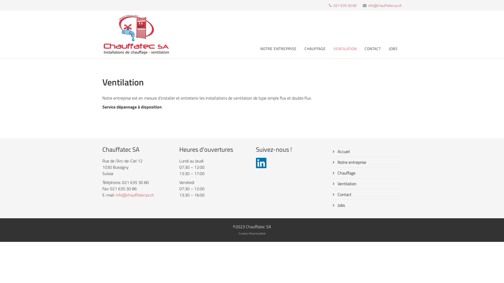 The height and width of the screenshot is (283, 504). What do you see at coordinates (385, 48) in the screenshot?
I see `'JOBS'` at bounding box center [385, 48].